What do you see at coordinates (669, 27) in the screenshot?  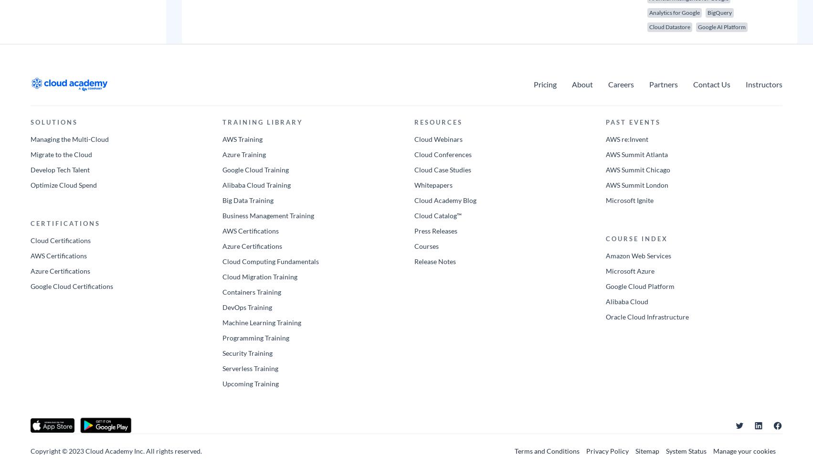 I see `'Cloud Datastore'` at bounding box center [669, 27].